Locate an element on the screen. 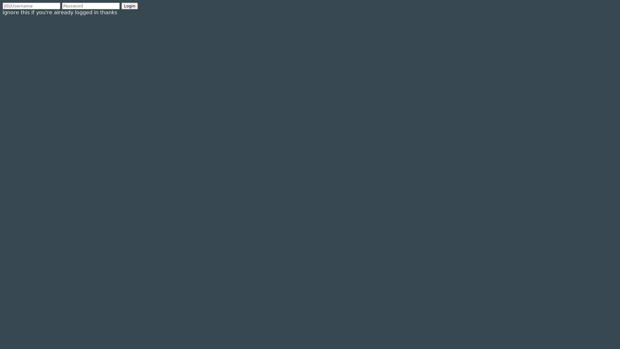 This screenshot has height=349, width=620. Login is located at coordinates (129, 6).